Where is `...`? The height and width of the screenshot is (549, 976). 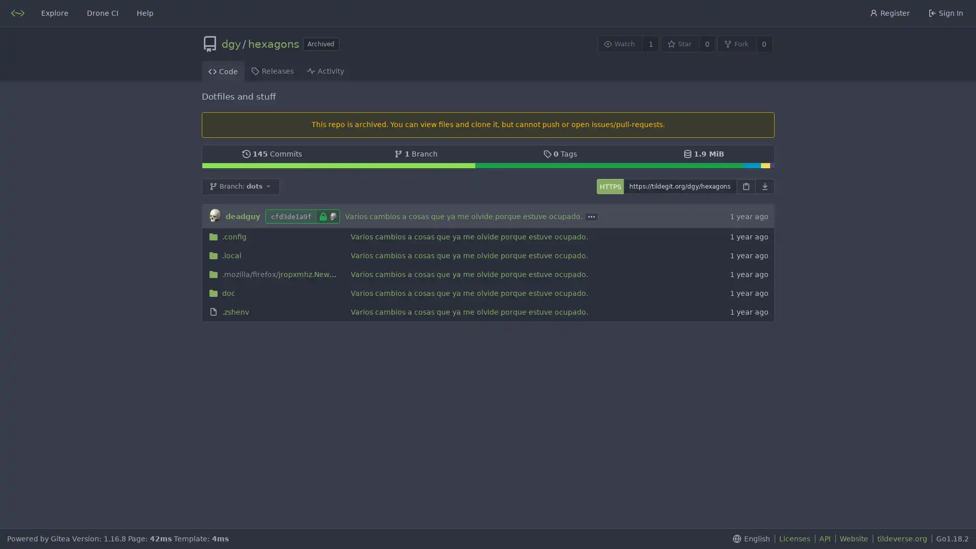
... is located at coordinates (591, 216).